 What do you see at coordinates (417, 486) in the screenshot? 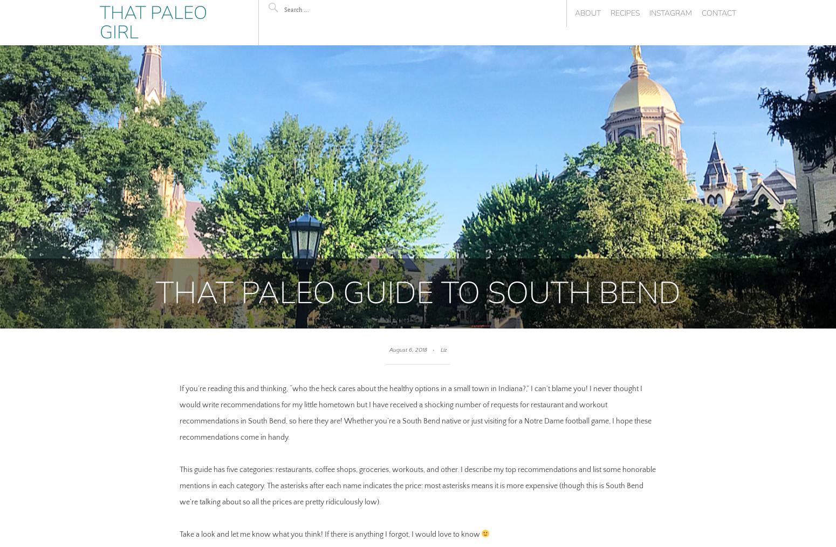
I see `'This guide has five categories: restaurants, coffee shops, groceries, workouts, and other. I describe my top recommendations and list some honorable mentions in each category. The asterisks after each name indicates the price: most asterisks means it is more expensive (though this is South Bend we’re talking about so all the prices are pretty ridiculously low).'` at bounding box center [417, 486].